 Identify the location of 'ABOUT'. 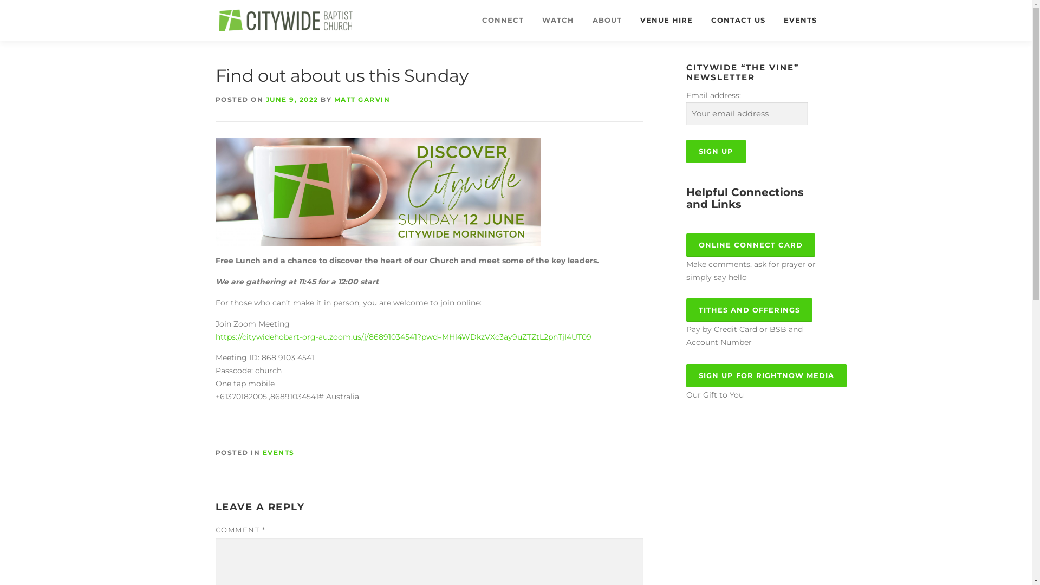
(606, 20).